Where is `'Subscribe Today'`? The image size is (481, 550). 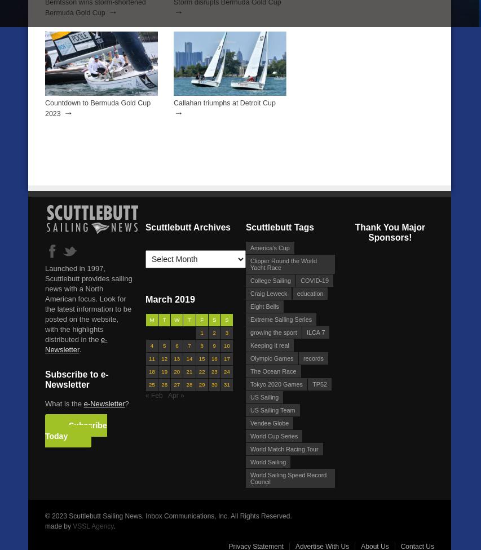
'Subscribe Today' is located at coordinates (45, 430).